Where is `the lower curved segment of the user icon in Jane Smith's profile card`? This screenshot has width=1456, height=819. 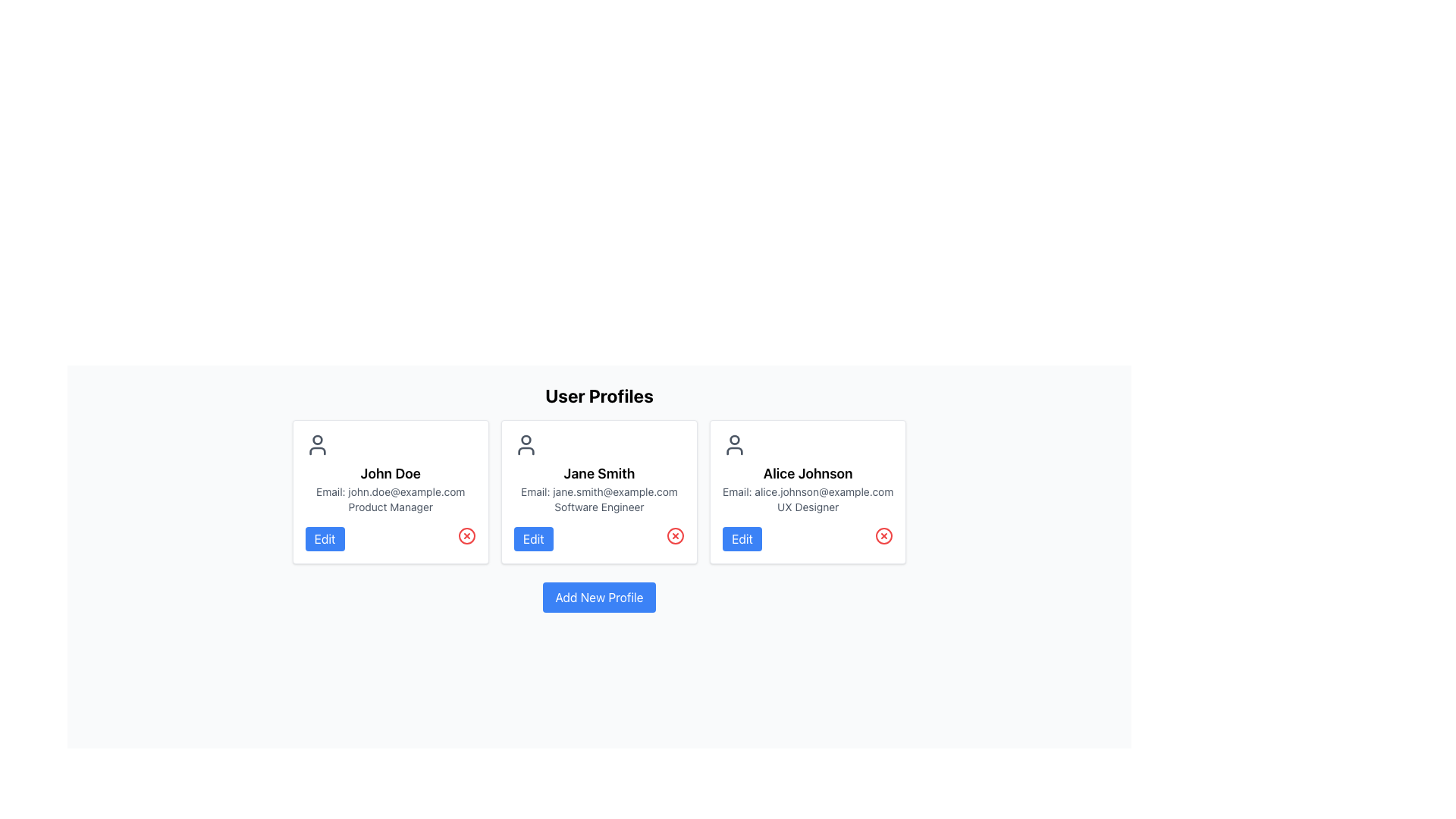 the lower curved segment of the user icon in Jane Smith's profile card is located at coordinates (526, 450).